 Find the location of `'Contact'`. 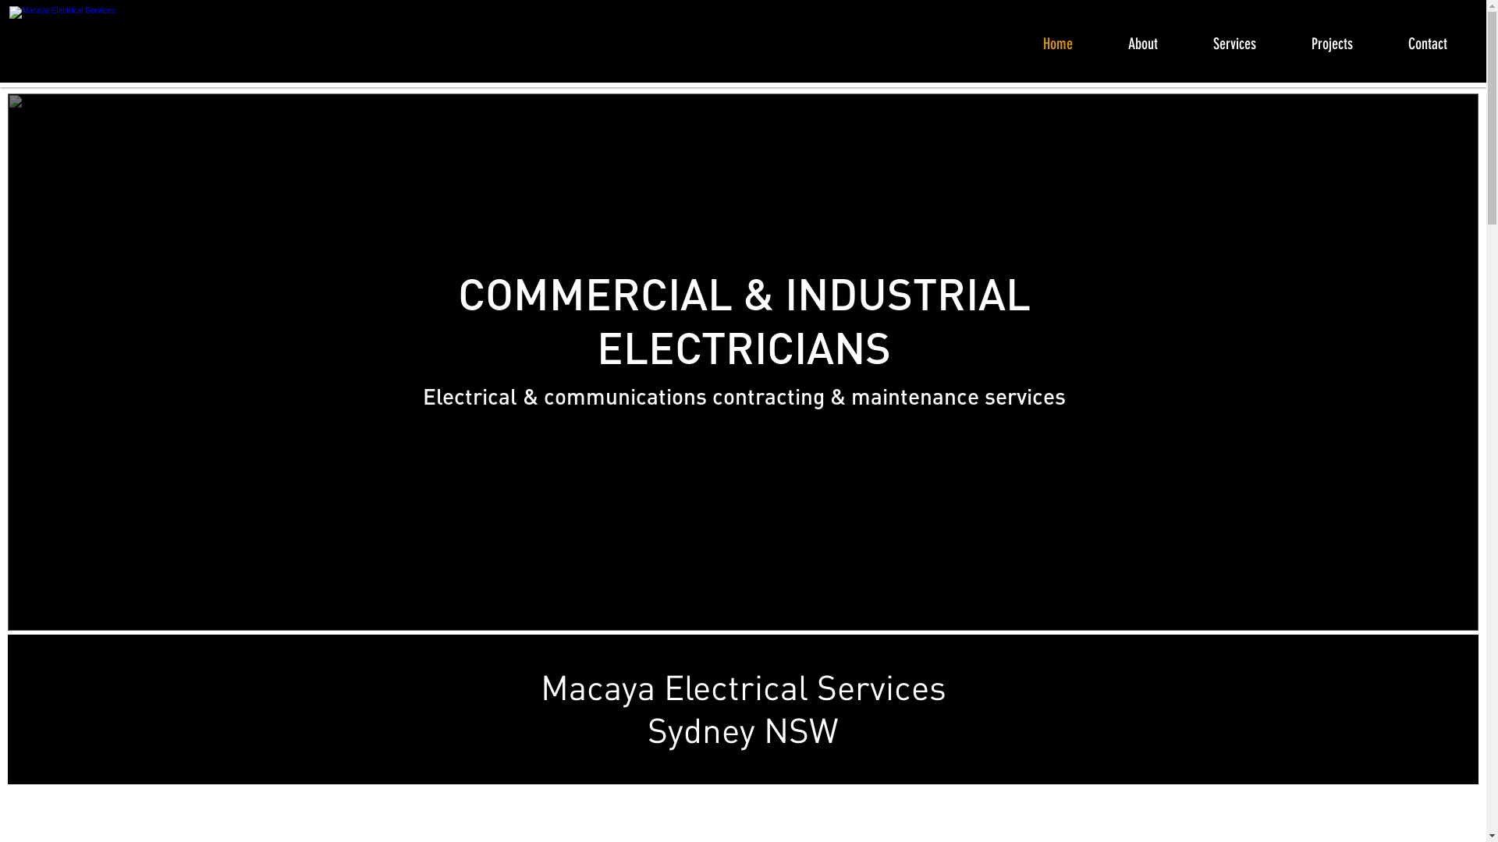

'Contact' is located at coordinates (1438, 41).